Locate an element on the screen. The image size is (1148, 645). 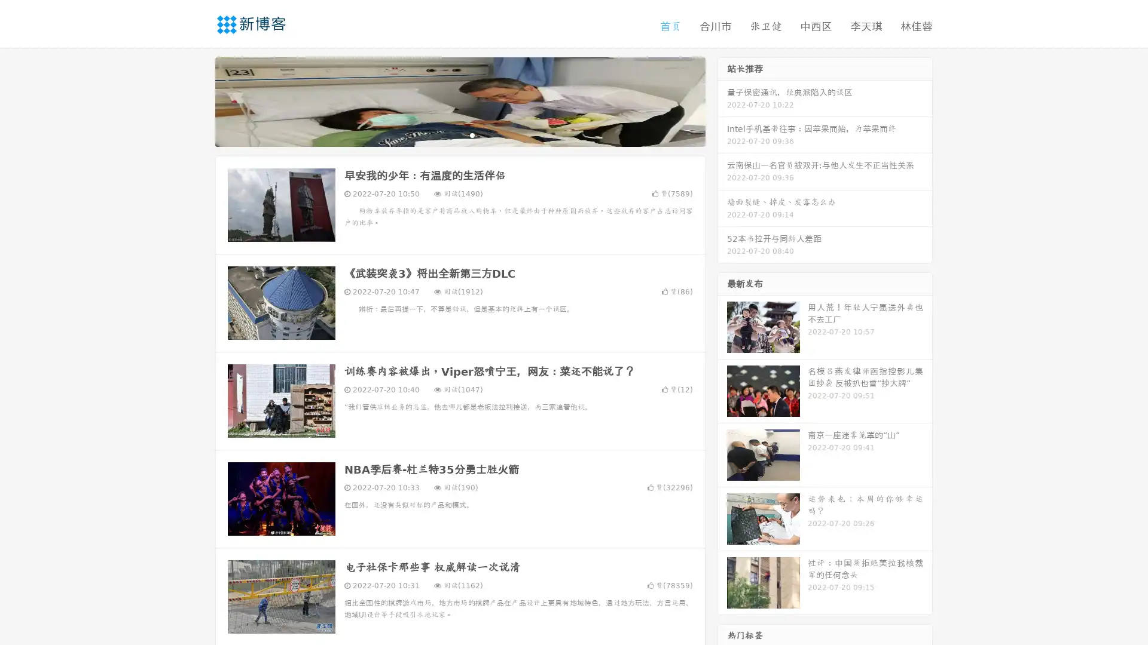
Go to slide 1 is located at coordinates (447, 134).